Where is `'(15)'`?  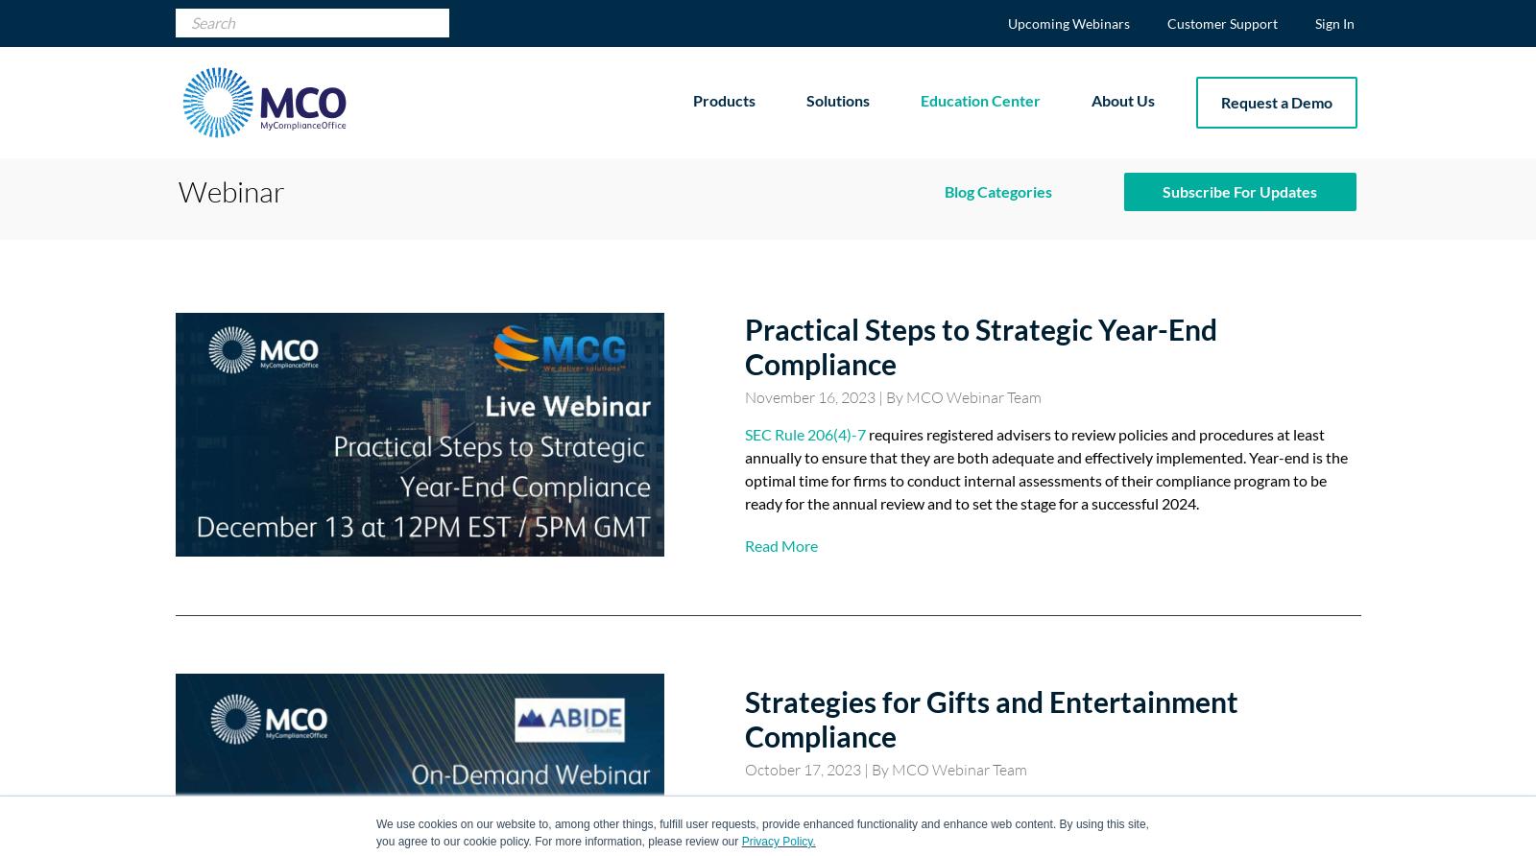 '(15)' is located at coordinates (997, 281).